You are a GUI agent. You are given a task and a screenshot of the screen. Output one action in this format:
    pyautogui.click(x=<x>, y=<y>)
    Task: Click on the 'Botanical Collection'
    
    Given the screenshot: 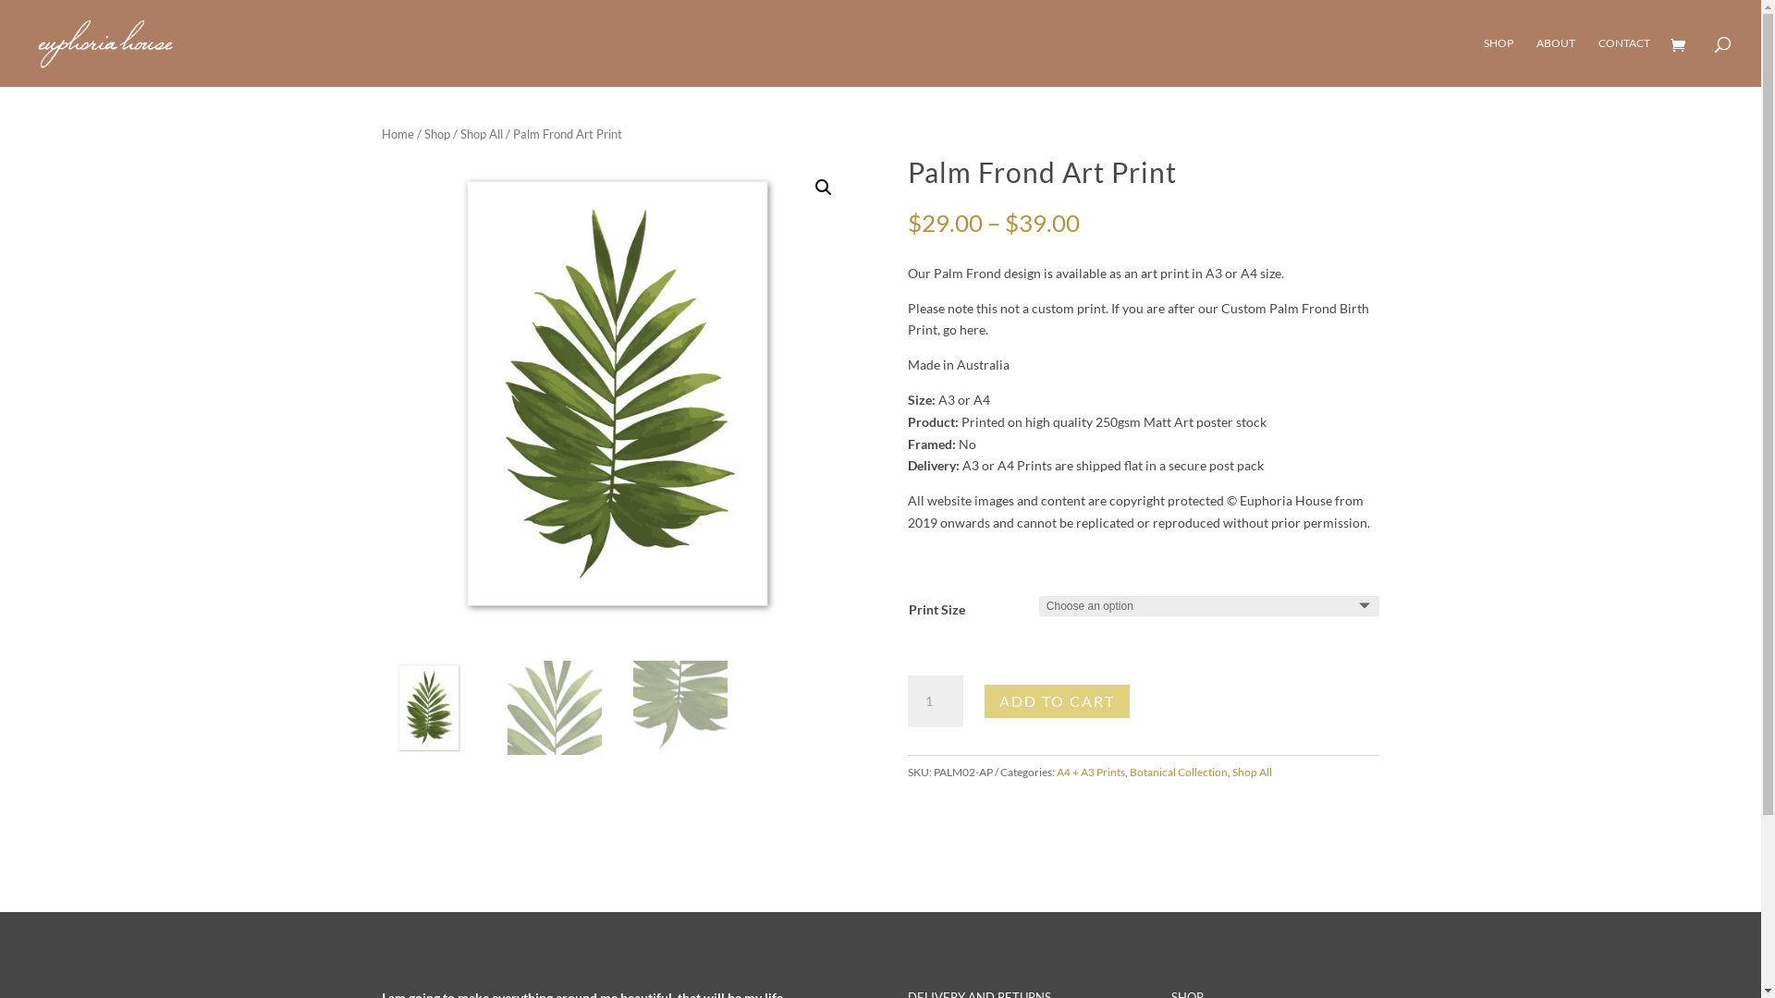 What is the action you would take?
    pyautogui.click(x=1178, y=772)
    